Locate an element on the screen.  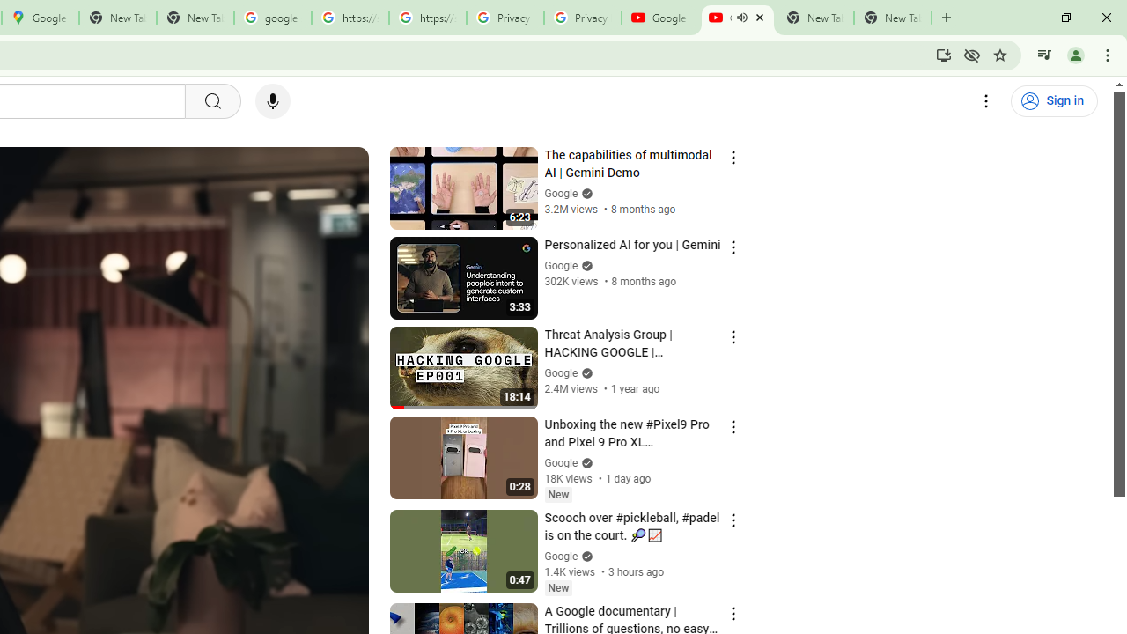
'Action menu' is located at coordinates (733, 612).